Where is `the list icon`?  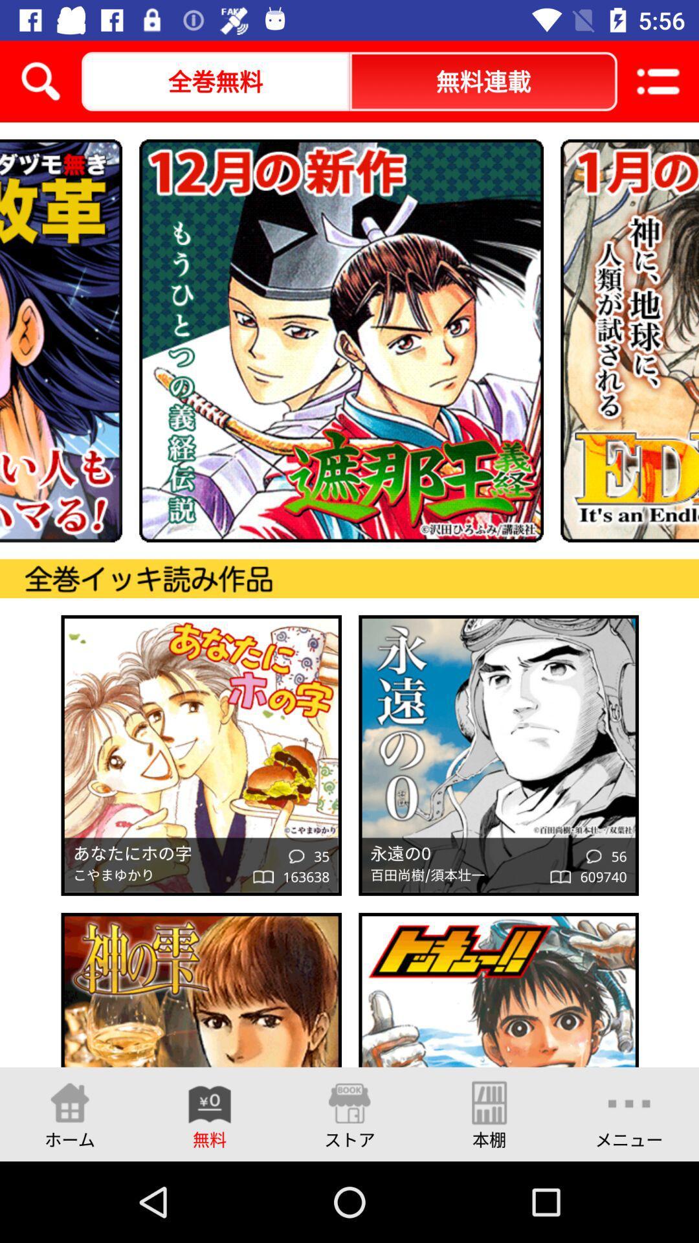 the list icon is located at coordinates (658, 80).